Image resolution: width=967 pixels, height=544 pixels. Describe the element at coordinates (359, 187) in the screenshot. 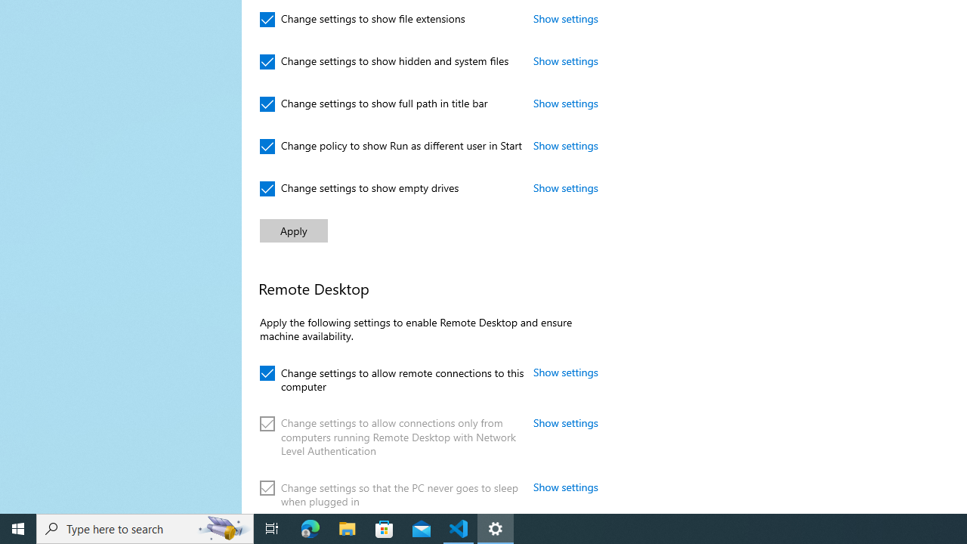

I see `'Change settings to show empty drives'` at that location.